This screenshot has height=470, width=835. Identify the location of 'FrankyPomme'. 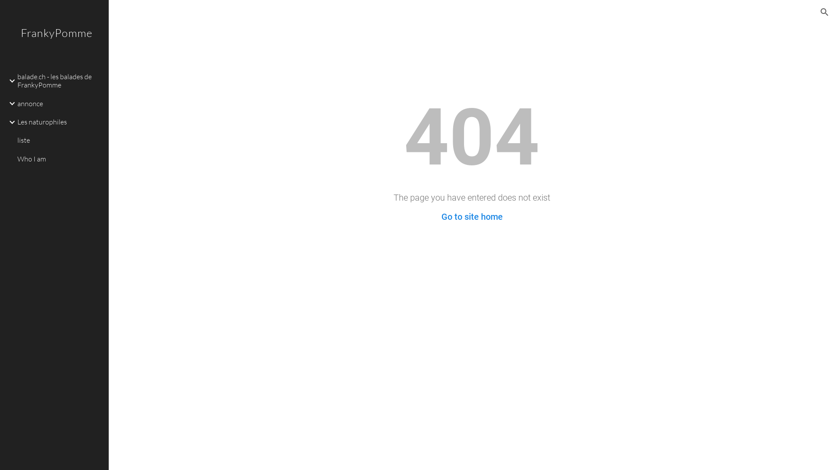
(53, 44).